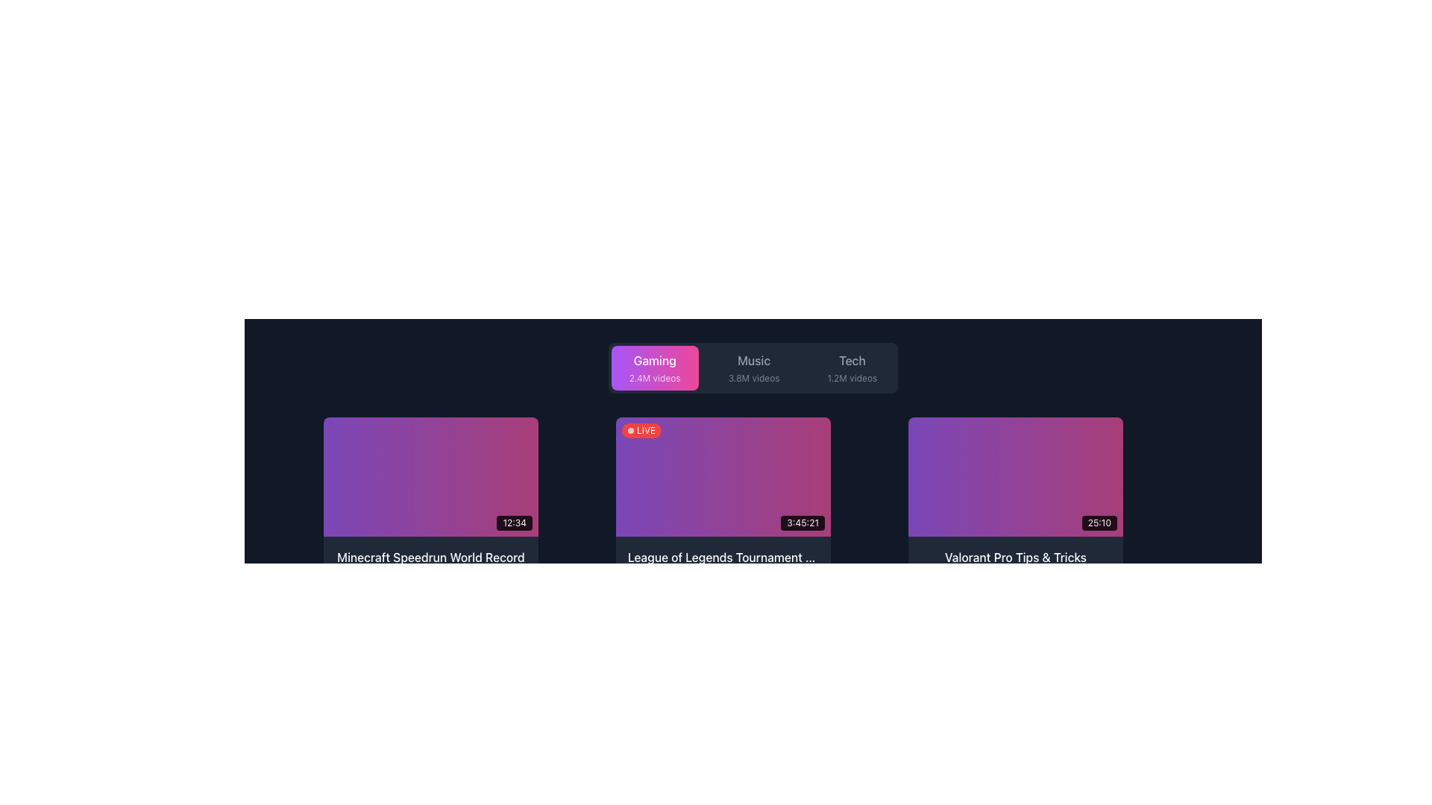 Image resolution: width=1432 pixels, height=805 pixels. I want to click on the text label that serves as the title for the first video thumbnail located at the lower portion of the thumbnail, so click(430, 558).